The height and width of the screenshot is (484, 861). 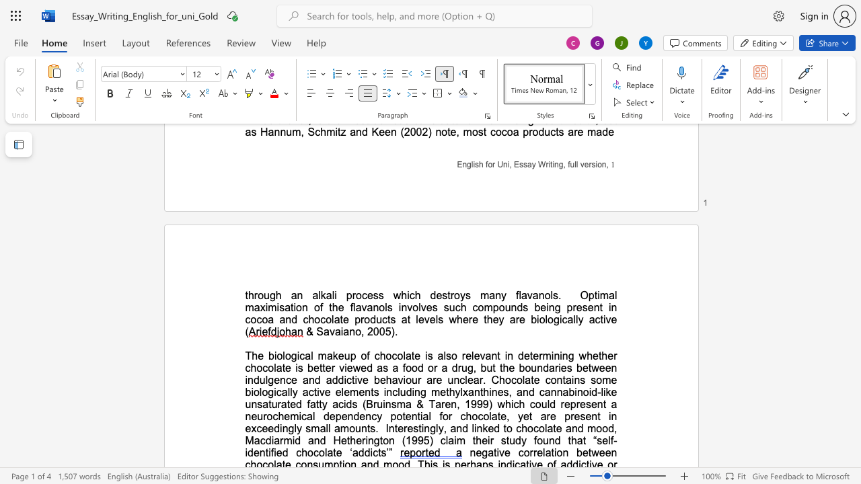 What do you see at coordinates (498, 319) in the screenshot?
I see `the space between the continuous character "e" and "y" in the text` at bounding box center [498, 319].